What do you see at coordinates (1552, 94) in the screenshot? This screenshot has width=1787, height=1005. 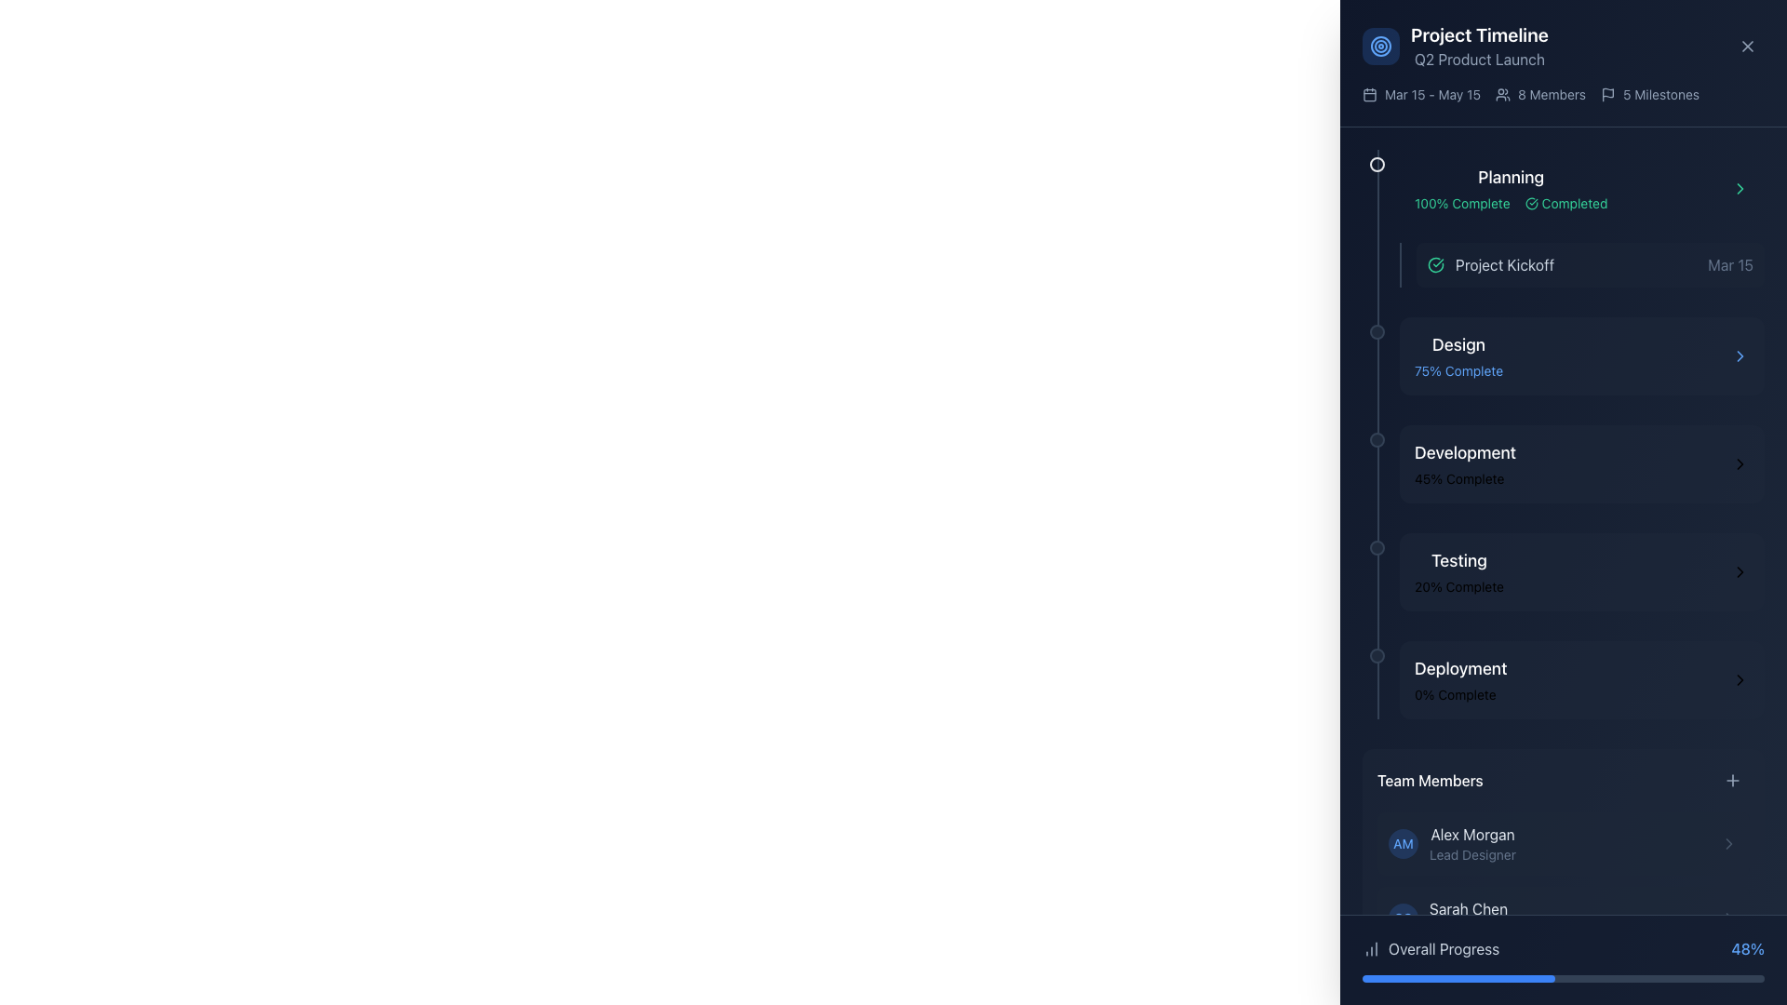 I see `the text label that indicates the count of members linked to the project, located near the top-right corner of the interface` at bounding box center [1552, 94].